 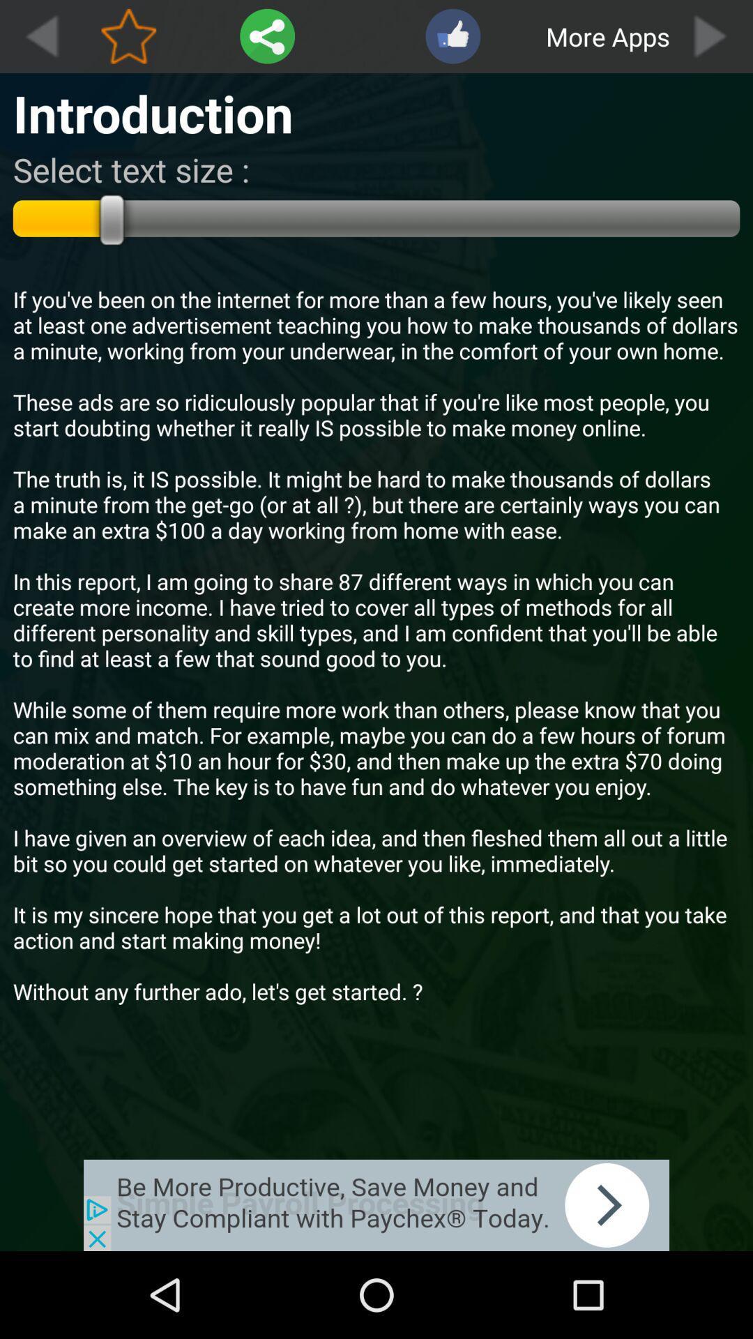 I want to click on like option, so click(x=452, y=36).